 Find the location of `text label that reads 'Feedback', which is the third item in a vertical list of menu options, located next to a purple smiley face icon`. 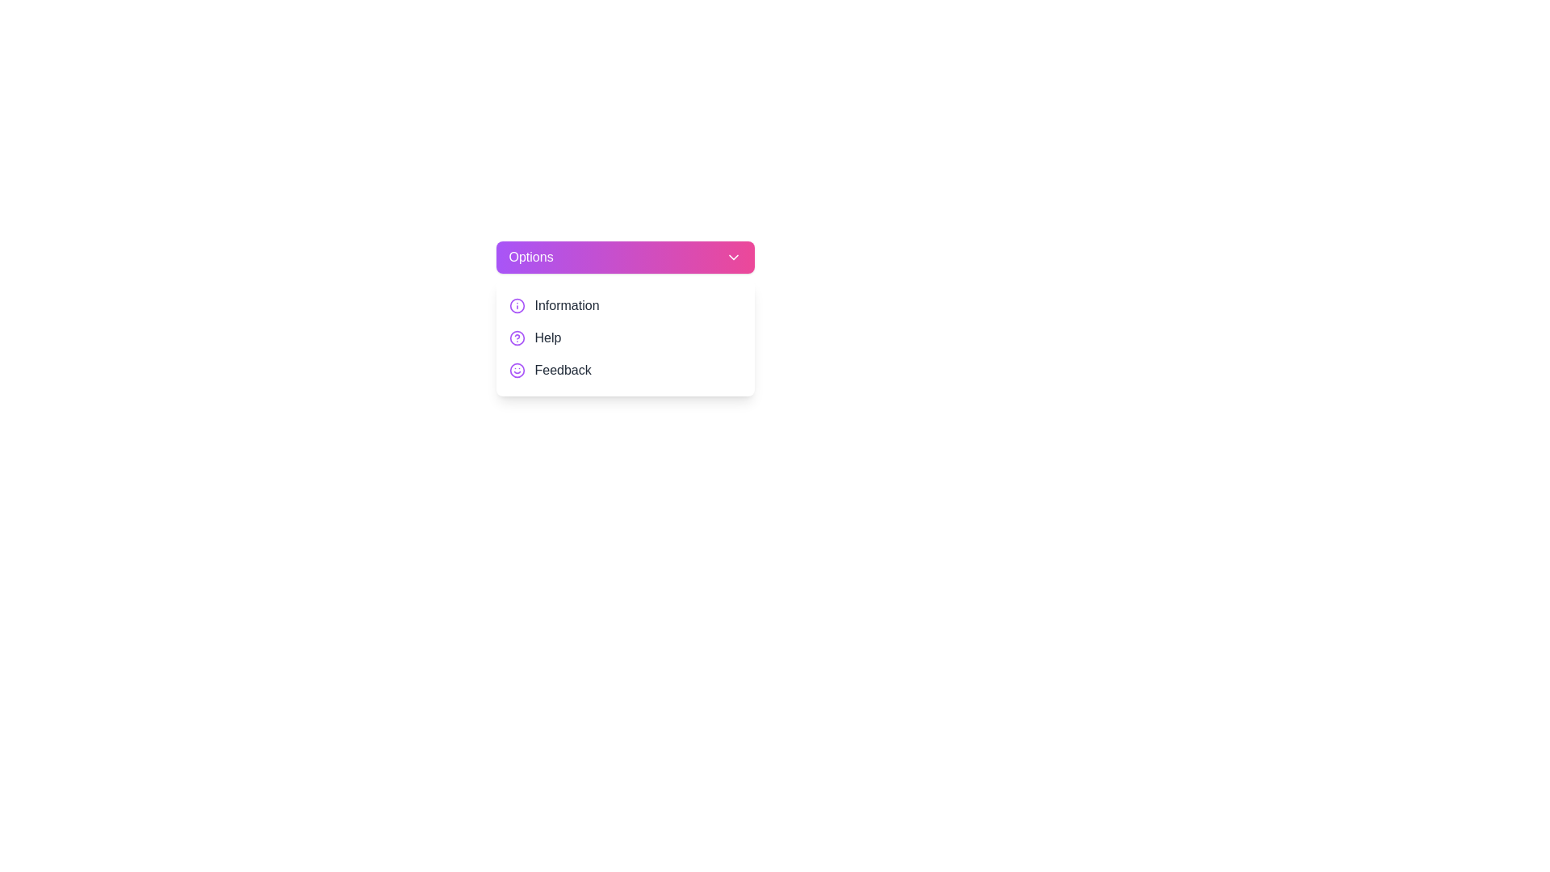

text label that reads 'Feedback', which is the third item in a vertical list of menu options, located next to a purple smiley face icon is located at coordinates (563, 371).